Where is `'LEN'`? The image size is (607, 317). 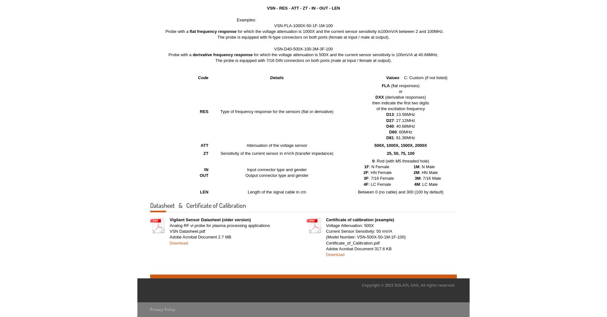 'LEN' is located at coordinates (204, 192).